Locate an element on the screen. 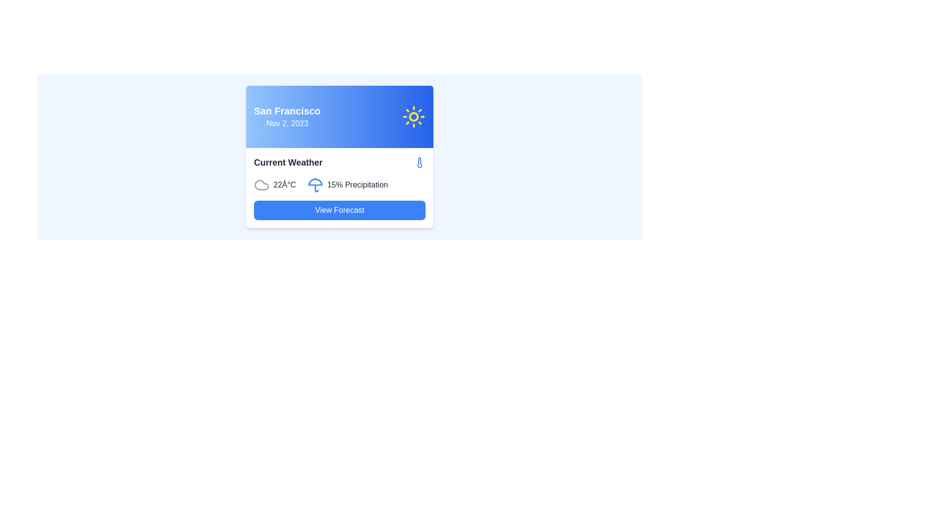  the cloud-shaped icon with a smooth outline and light gray color located in the current weather section, preceding the temperature value '22°C' is located at coordinates (262, 185).